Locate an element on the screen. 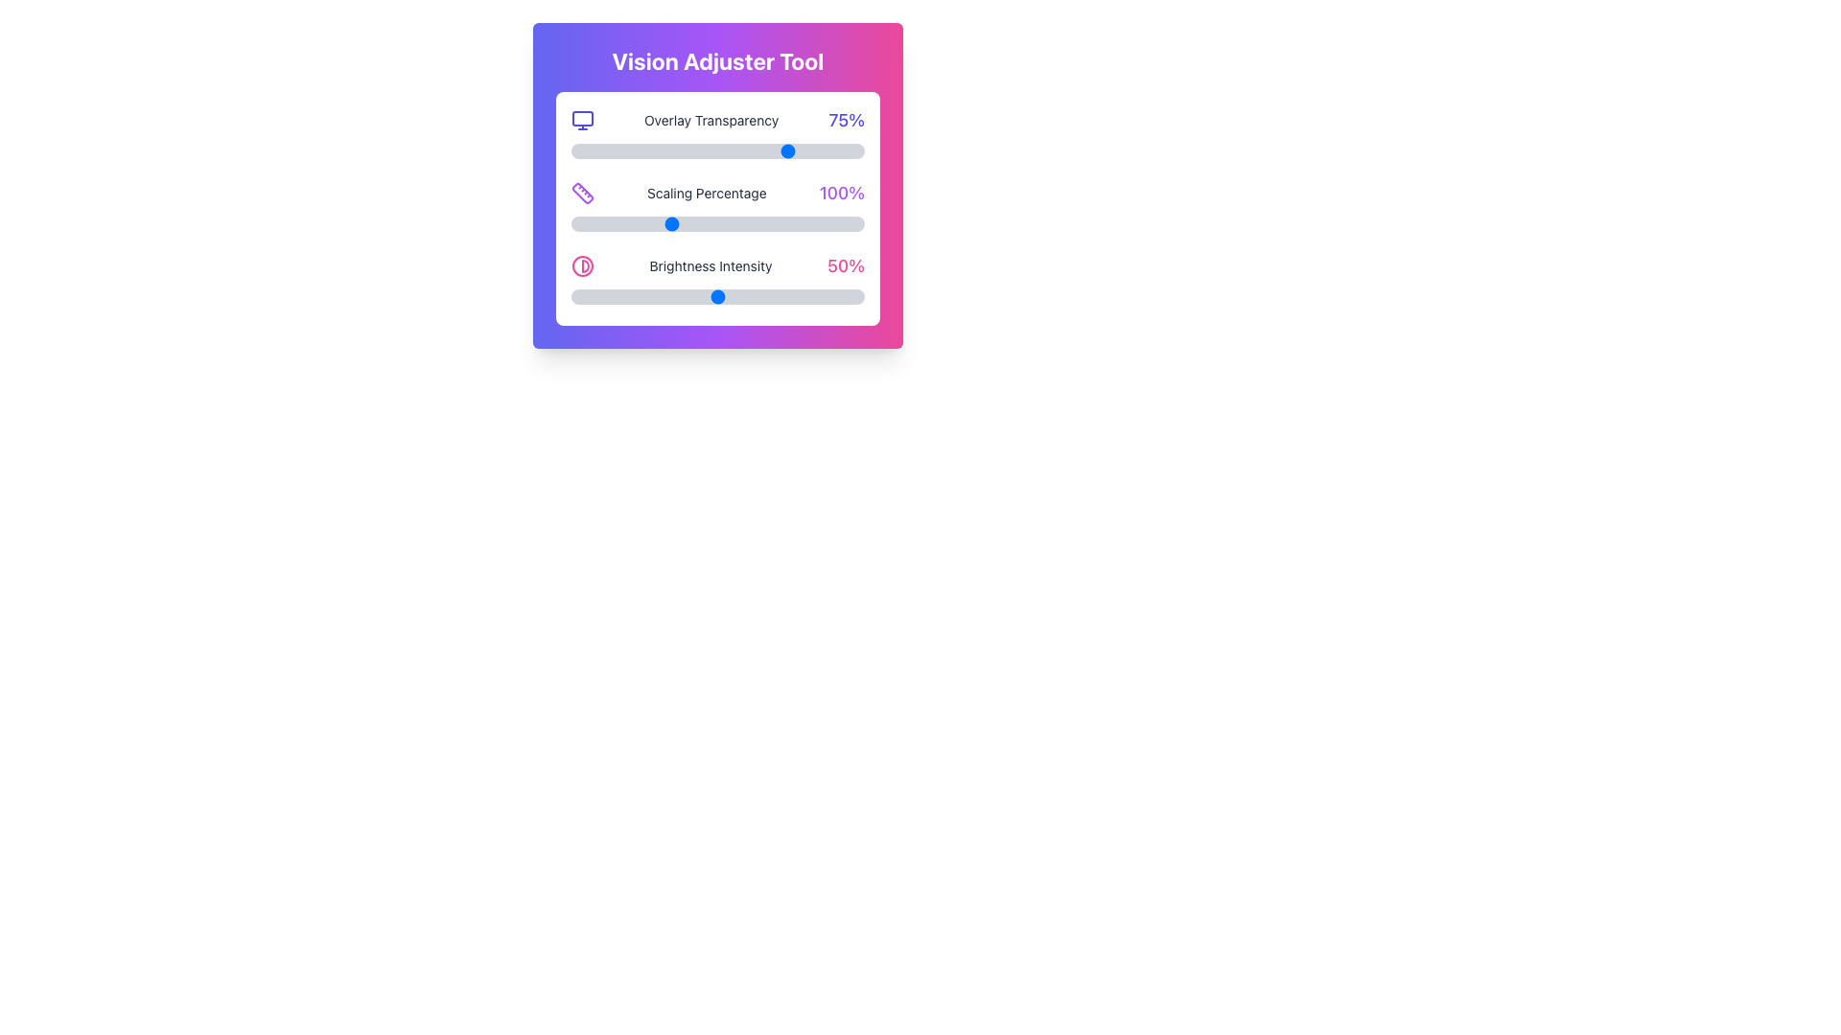 The height and width of the screenshot is (1035, 1841). displayed value of the text label showing '50%' in pink color, which indicates brightness intensity and is positioned to the right of the 'Brightness Intensity' text is located at coordinates (845, 265).